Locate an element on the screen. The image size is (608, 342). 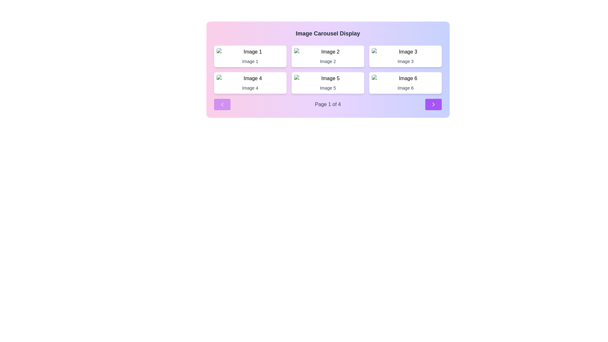
the image in the Card component labeled 'Image 3' is located at coordinates (405, 56).